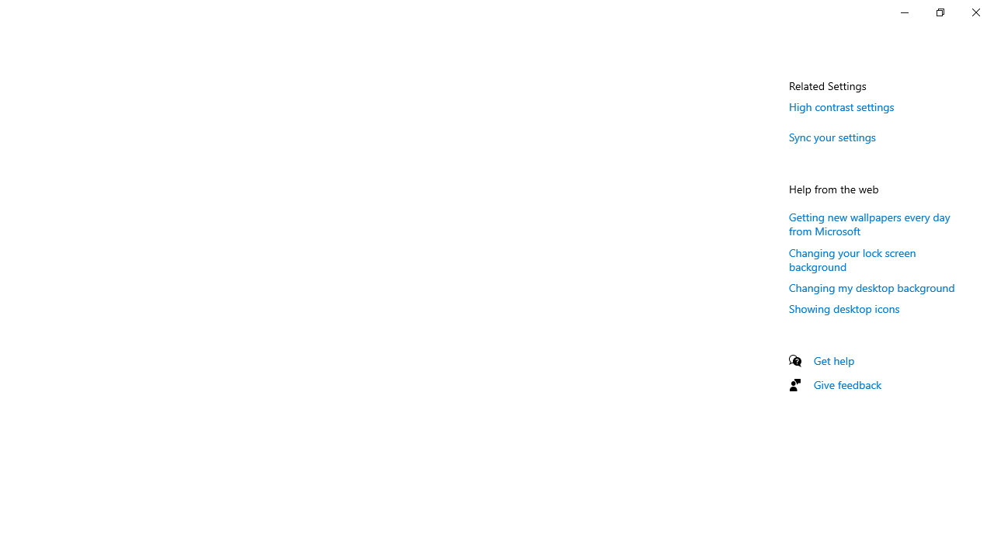 Image resolution: width=994 pixels, height=559 pixels. Describe the element at coordinates (939, 12) in the screenshot. I see `'Restore Settings'` at that location.